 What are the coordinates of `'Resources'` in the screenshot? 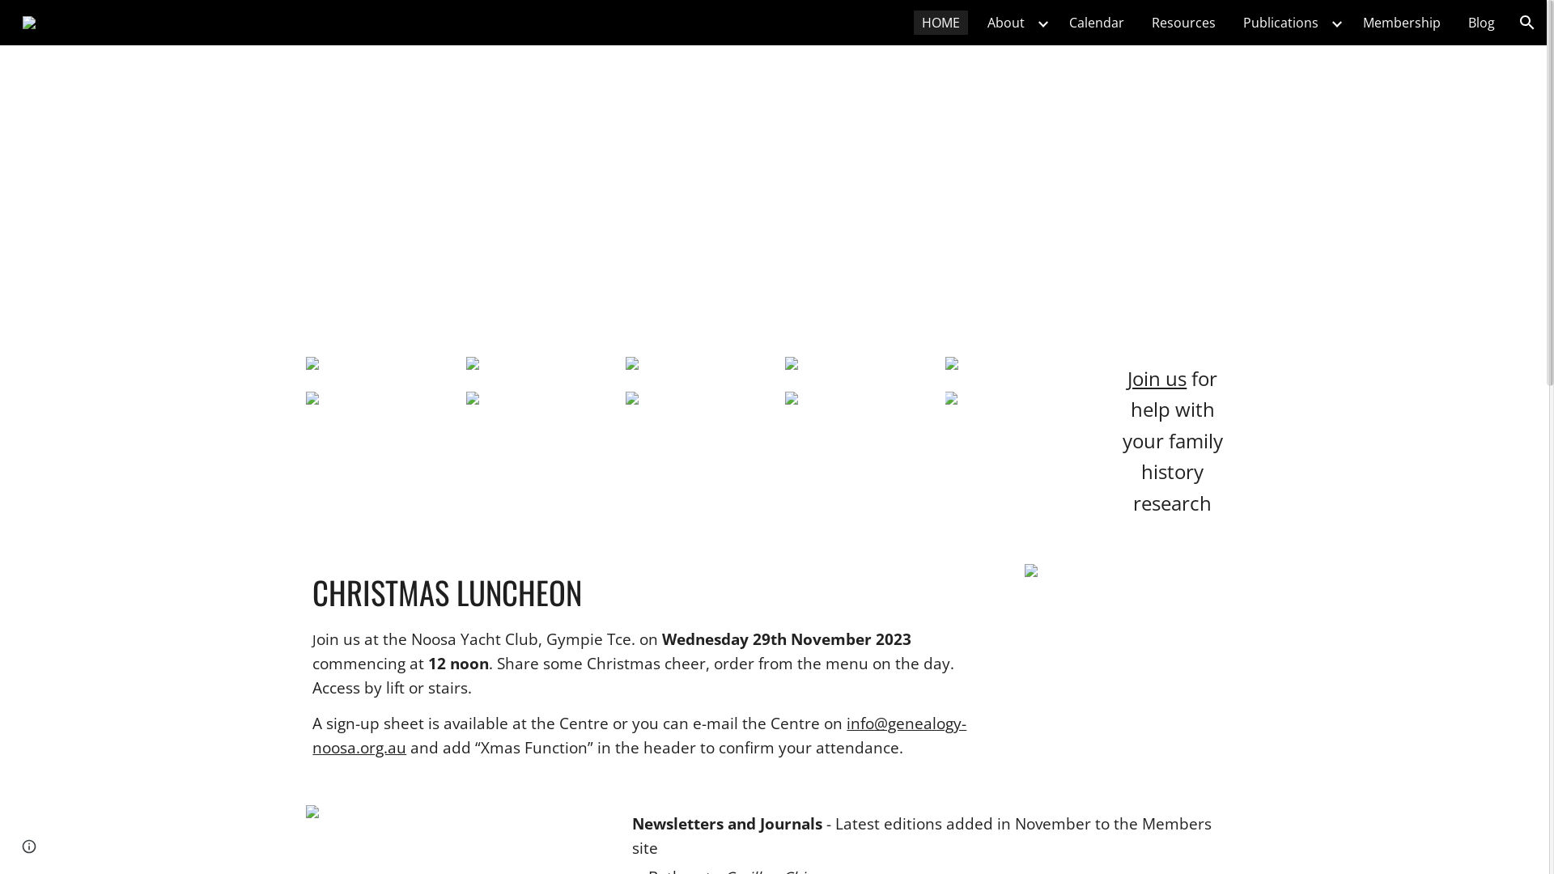 It's located at (1183, 22).